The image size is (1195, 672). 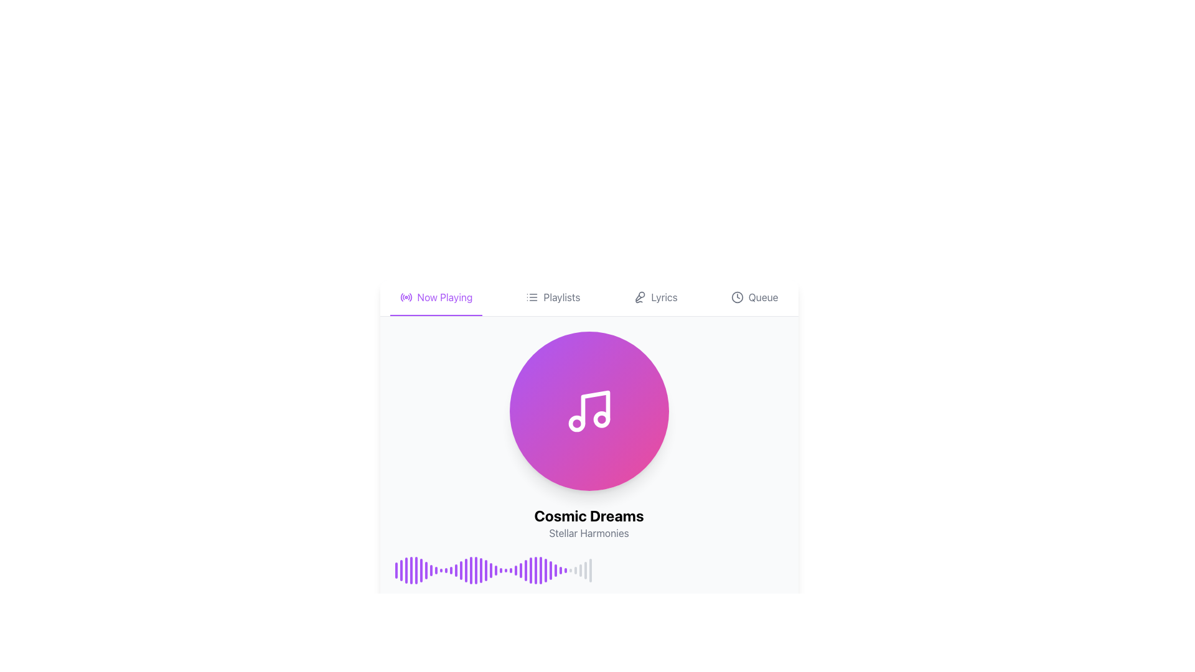 What do you see at coordinates (588, 523) in the screenshot?
I see `the Text Display element that shows 'Cosmic Dreams' in bold and 'Stellar Harmonies' in smaller gray font, located below a musical note icon and above a soundwave graphic` at bounding box center [588, 523].